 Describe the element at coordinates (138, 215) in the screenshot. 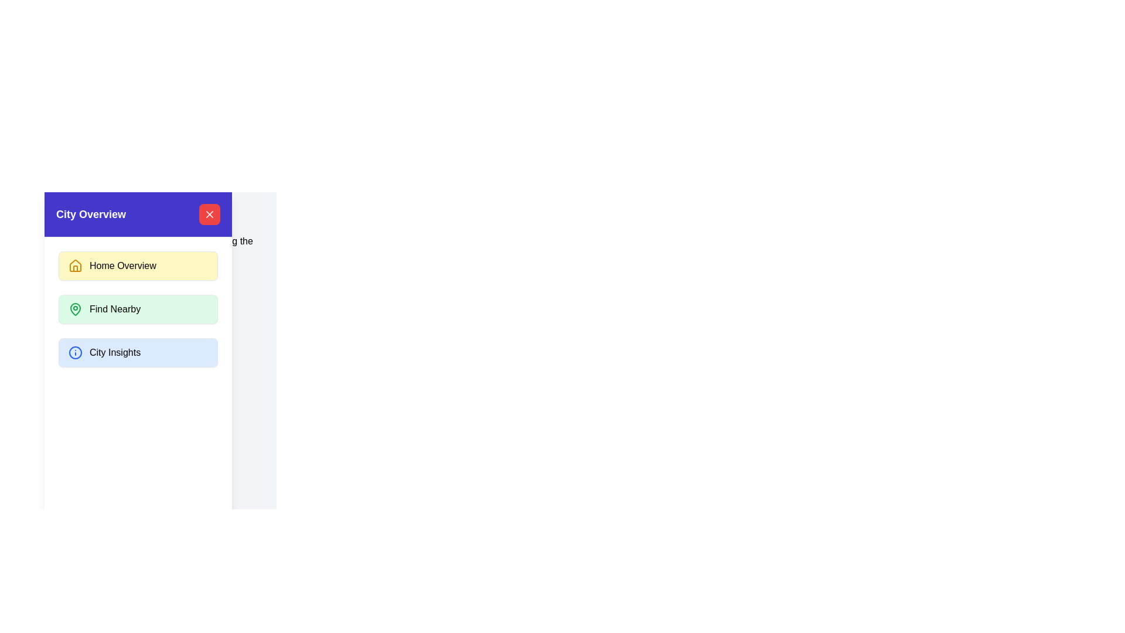

I see `the text of the City Overview Header section` at that location.